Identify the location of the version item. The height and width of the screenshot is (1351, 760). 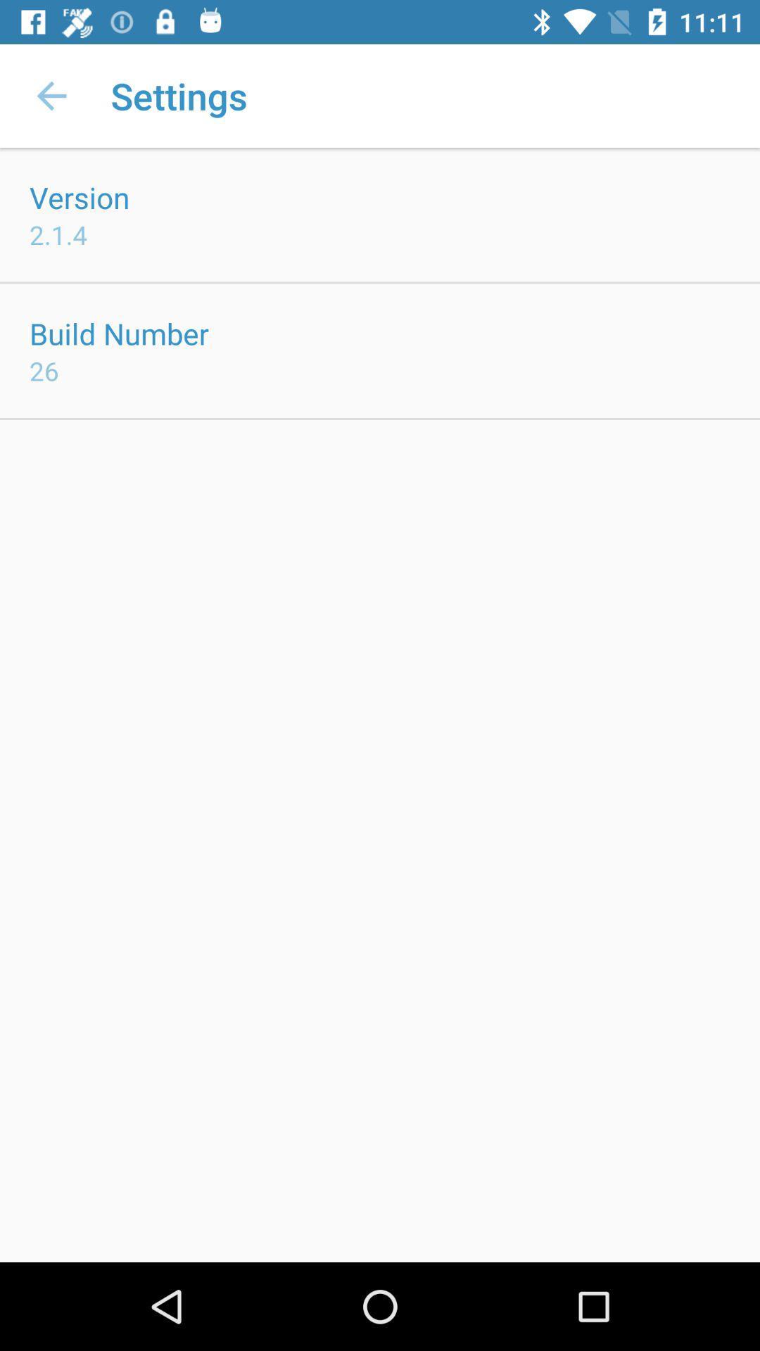
(80, 196).